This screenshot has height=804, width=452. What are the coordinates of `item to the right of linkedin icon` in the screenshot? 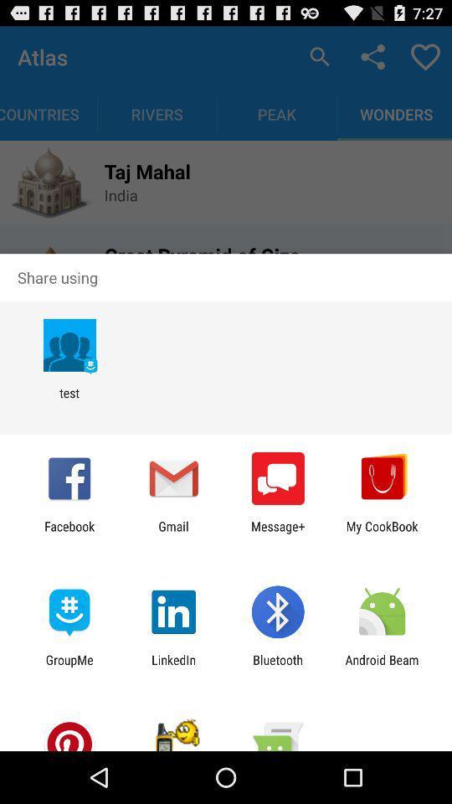 It's located at (278, 667).